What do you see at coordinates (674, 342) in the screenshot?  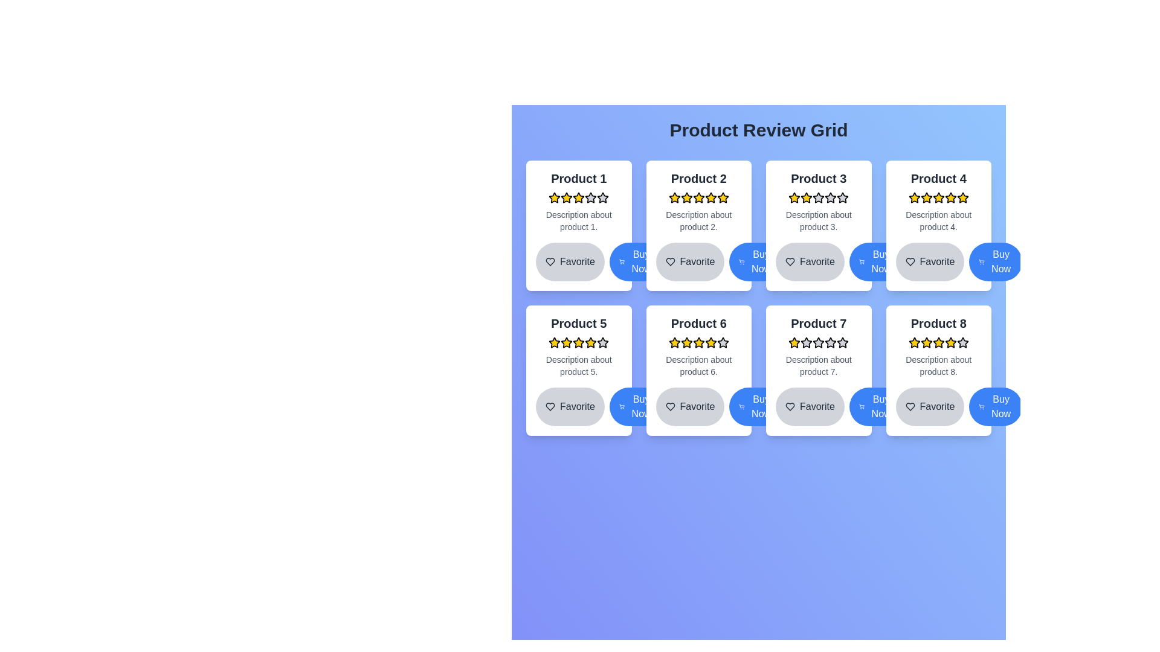 I see `the fourth yellow star icon` at bounding box center [674, 342].